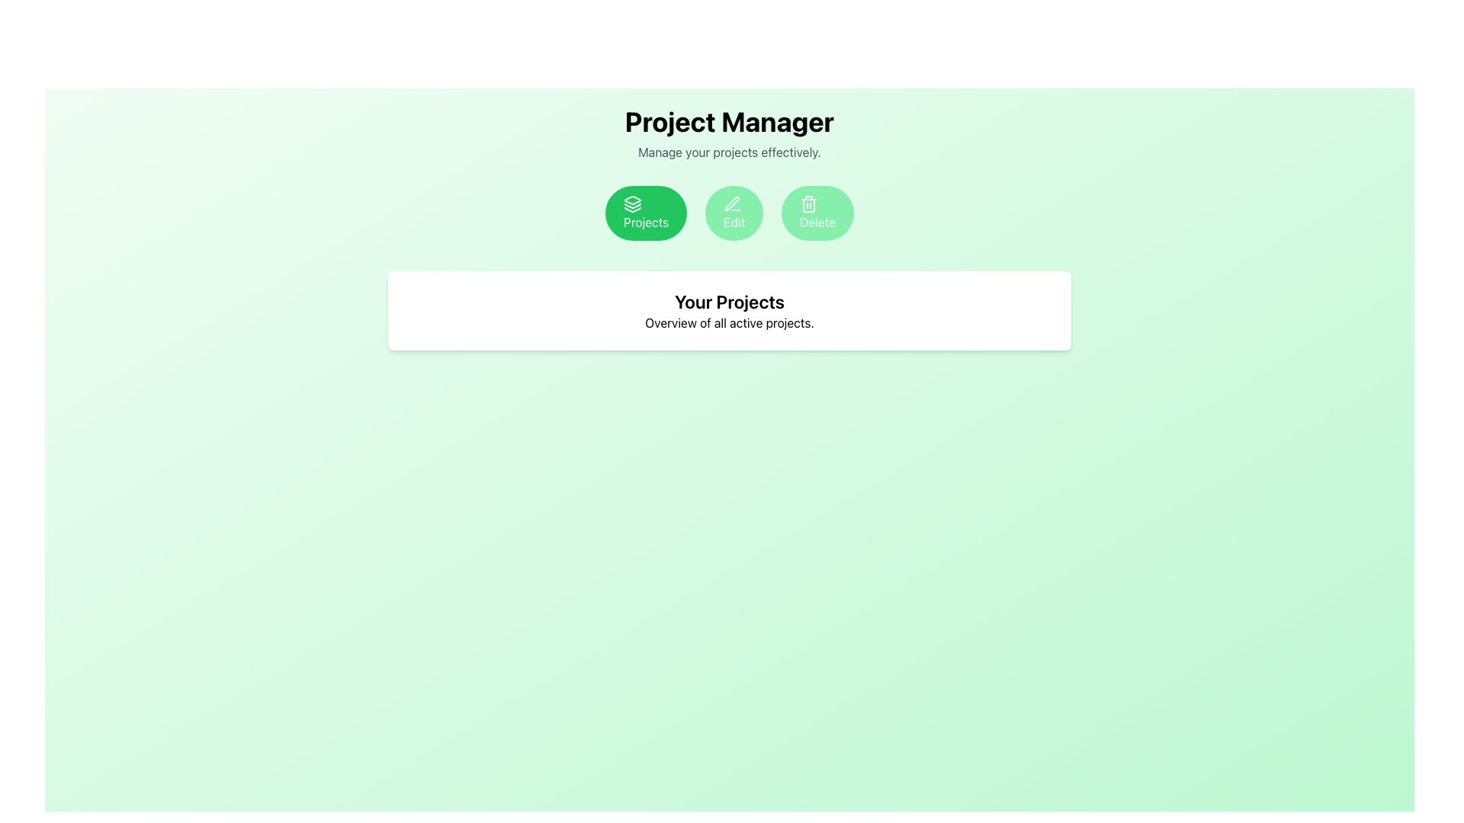 The width and height of the screenshot is (1464, 823). What do you see at coordinates (633, 203) in the screenshot?
I see `the green circular button with a layered symbol and 'Projects' text below it` at bounding box center [633, 203].